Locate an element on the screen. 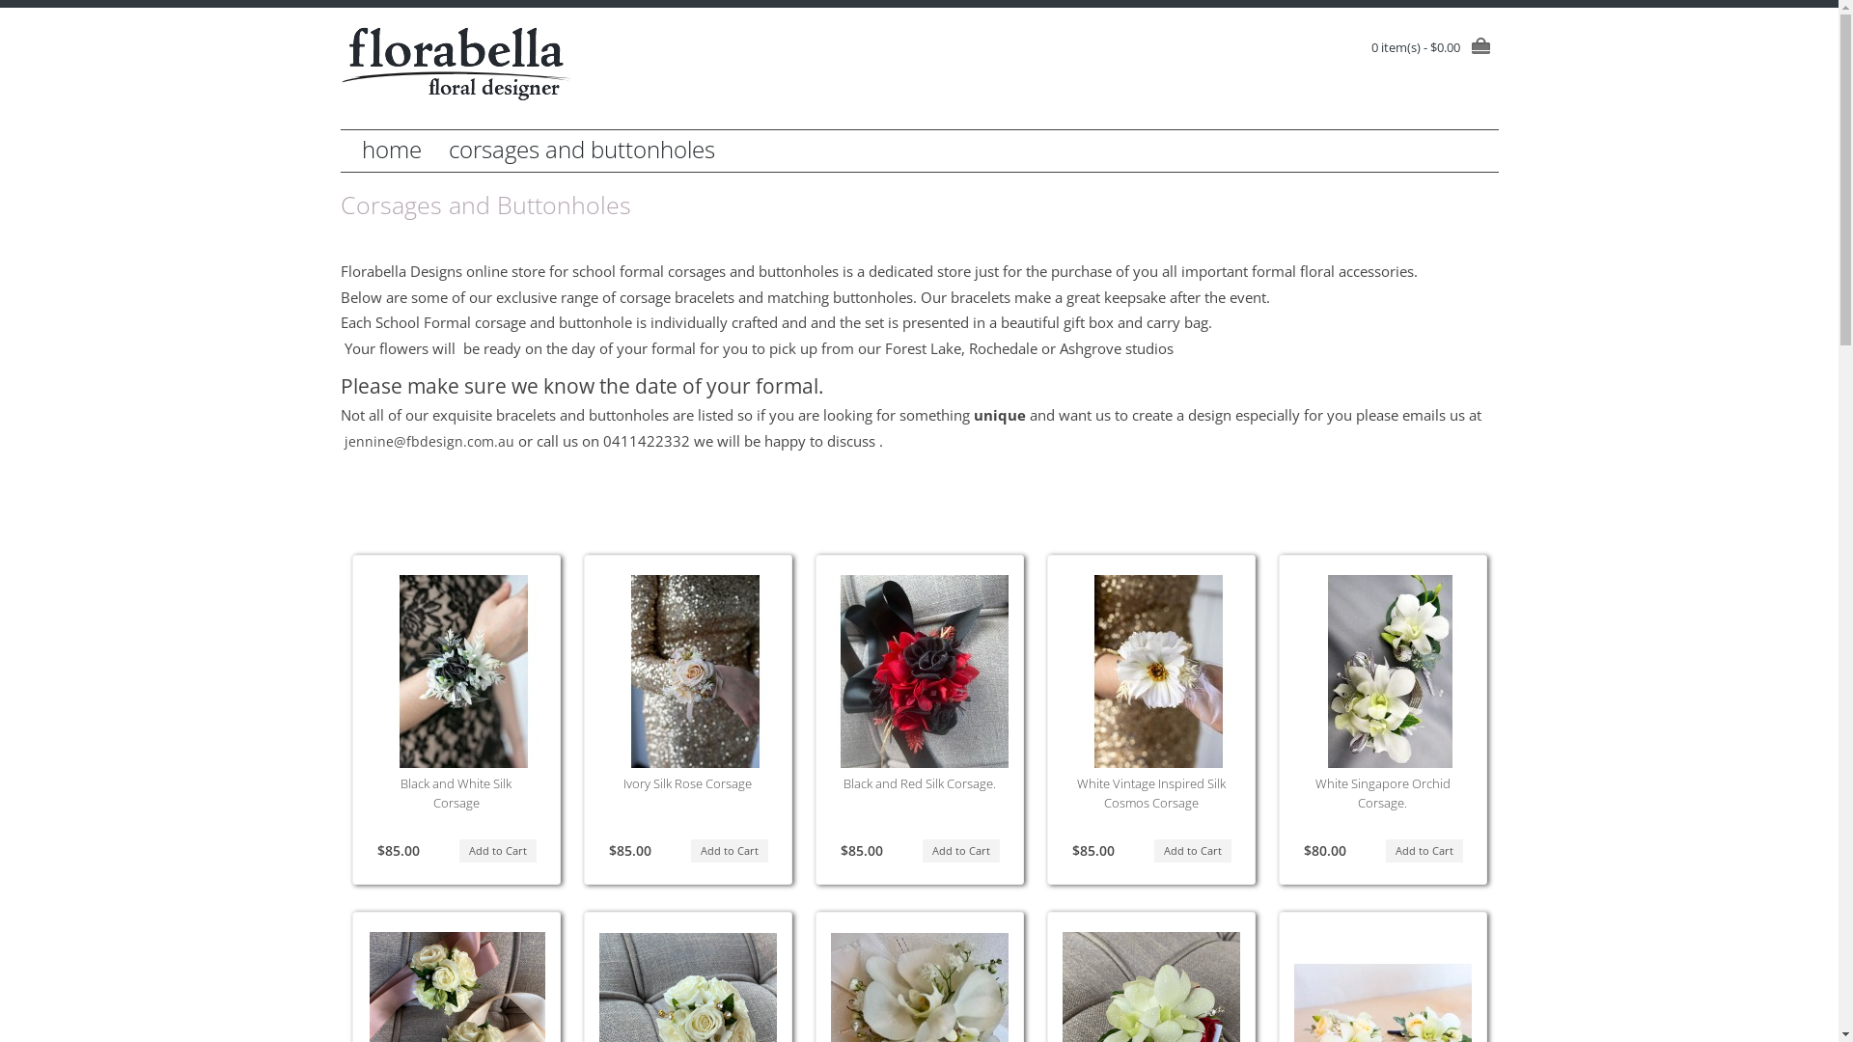 The image size is (1853, 1042). ' Ivory Silk Rose Corsage  ' is located at coordinates (695, 670).